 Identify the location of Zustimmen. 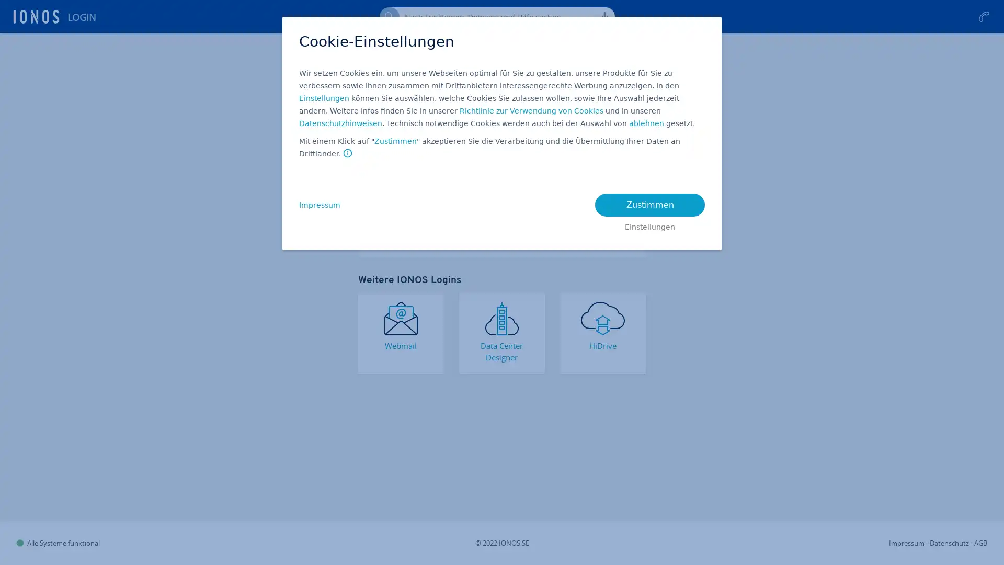
(649, 205).